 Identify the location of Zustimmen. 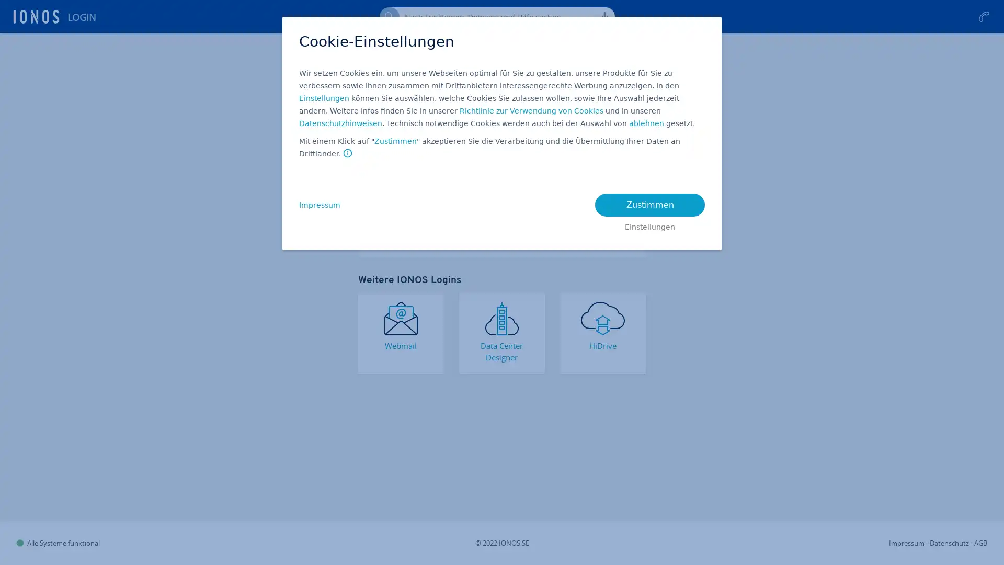
(649, 205).